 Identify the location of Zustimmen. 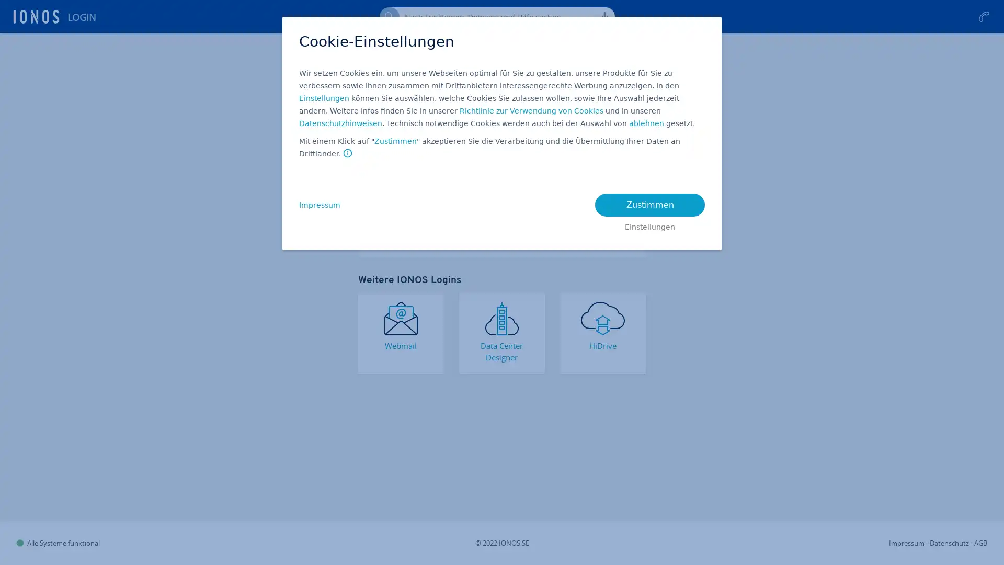
(649, 205).